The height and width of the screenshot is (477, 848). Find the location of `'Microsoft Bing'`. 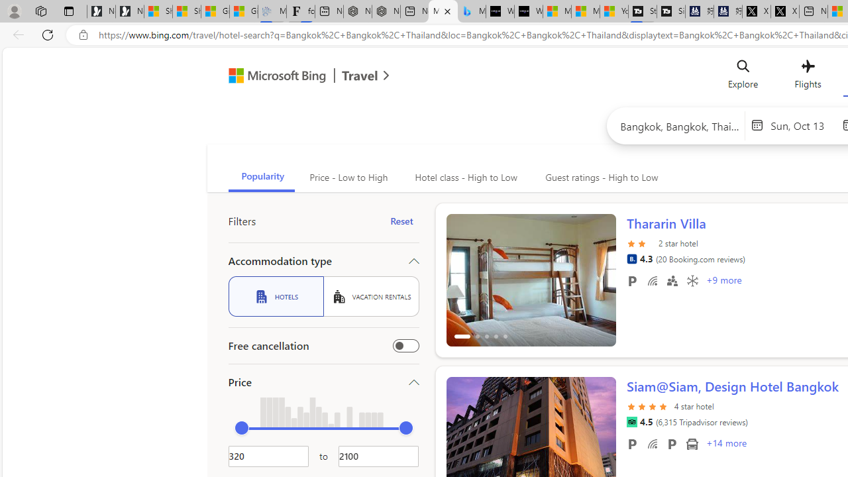

'Microsoft Bing' is located at coordinates (271, 78).